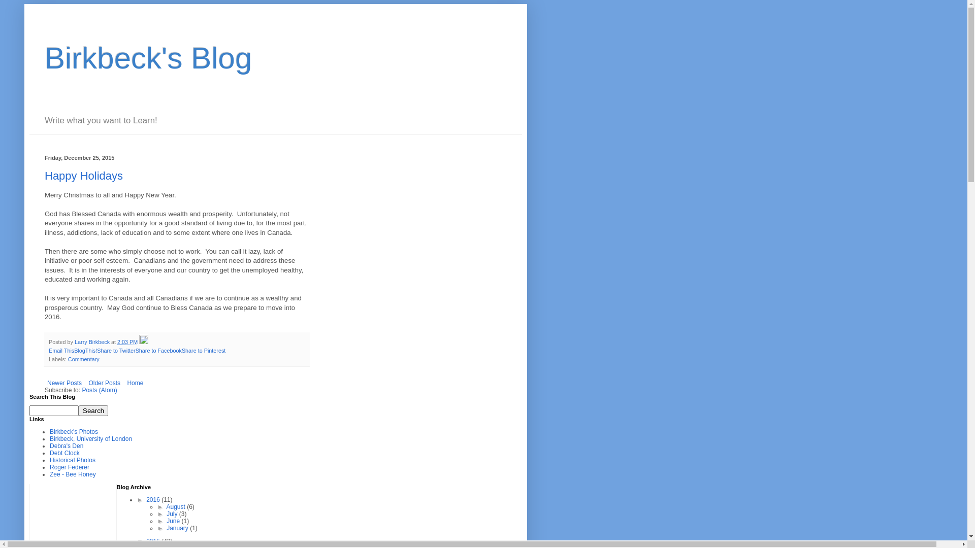 The image size is (975, 548). Describe the element at coordinates (72, 460) in the screenshot. I see `'Historical Photos'` at that location.